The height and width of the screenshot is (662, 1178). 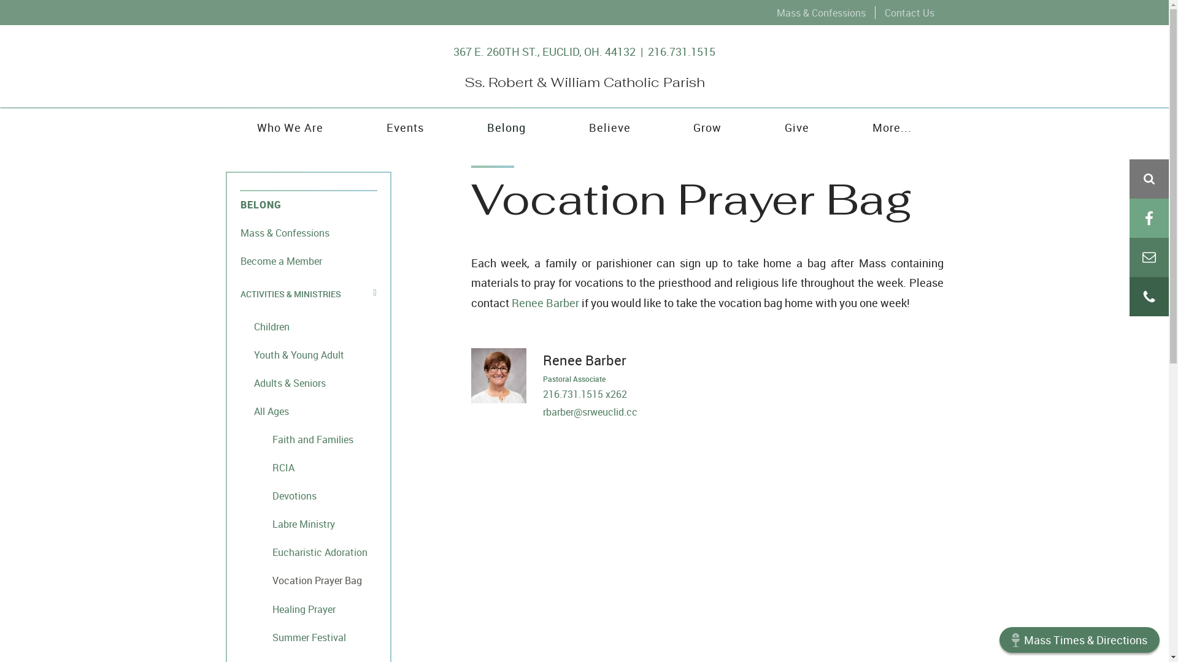 I want to click on 'Who We Are', so click(x=226, y=127).